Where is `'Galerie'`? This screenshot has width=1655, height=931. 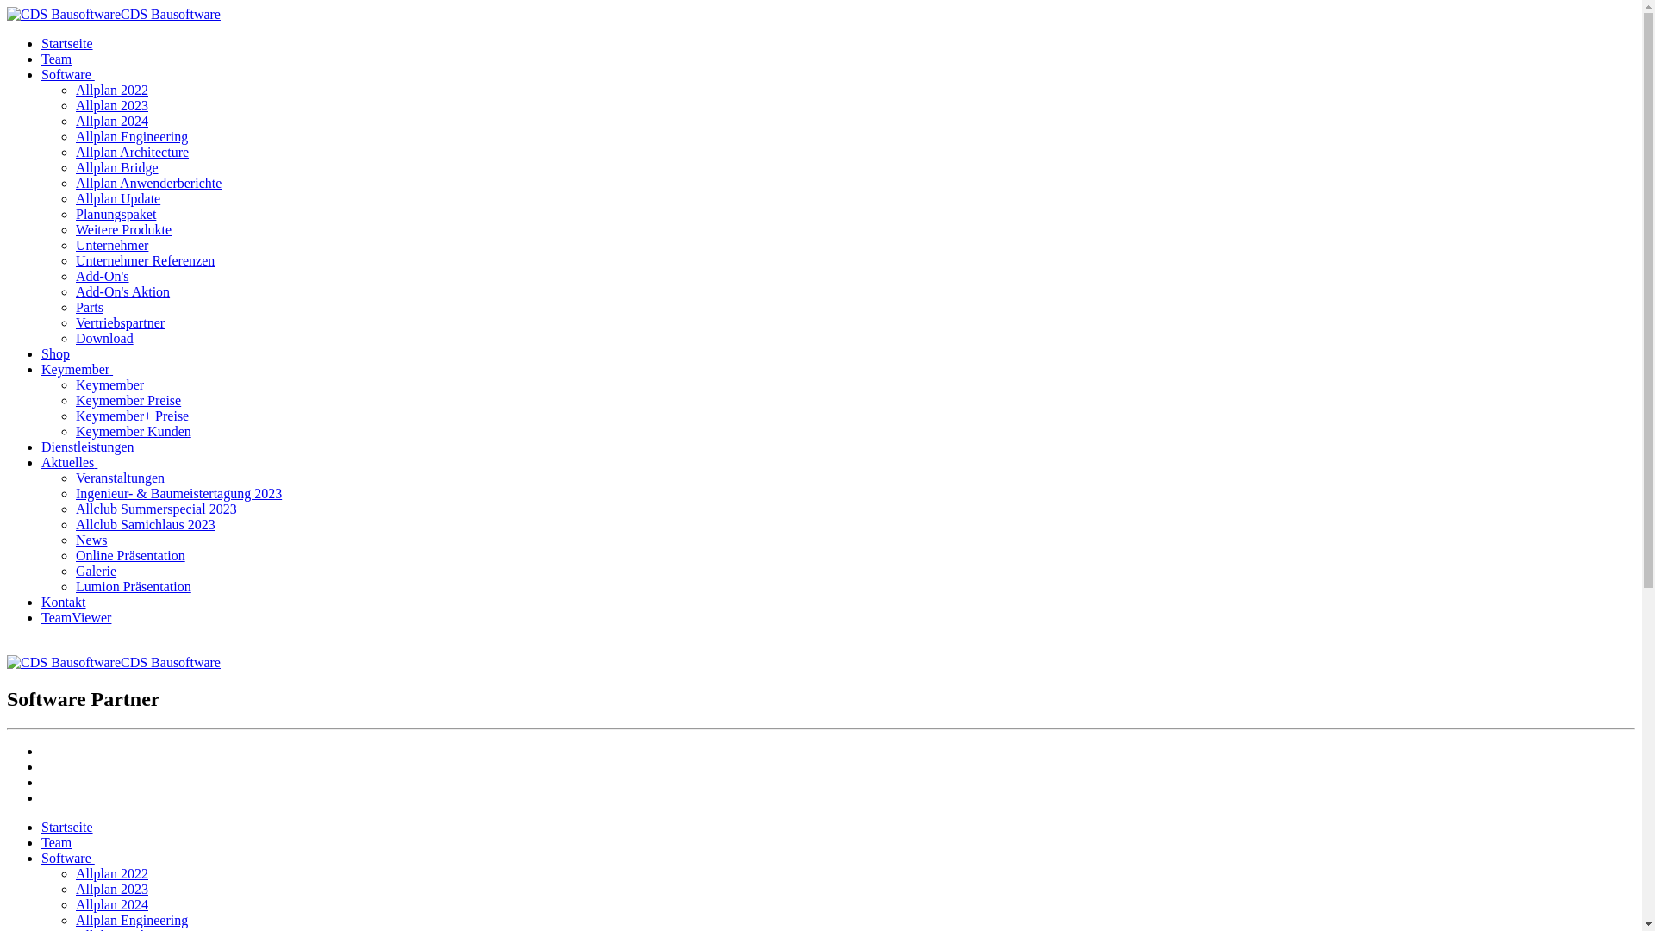
'Galerie' is located at coordinates (95, 571).